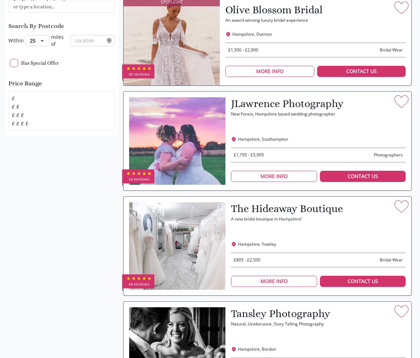 The width and height of the screenshot is (420, 358). What do you see at coordinates (48, 41) in the screenshot?
I see `'Weddings Abroad & Honeymoons'` at bounding box center [48, 41].